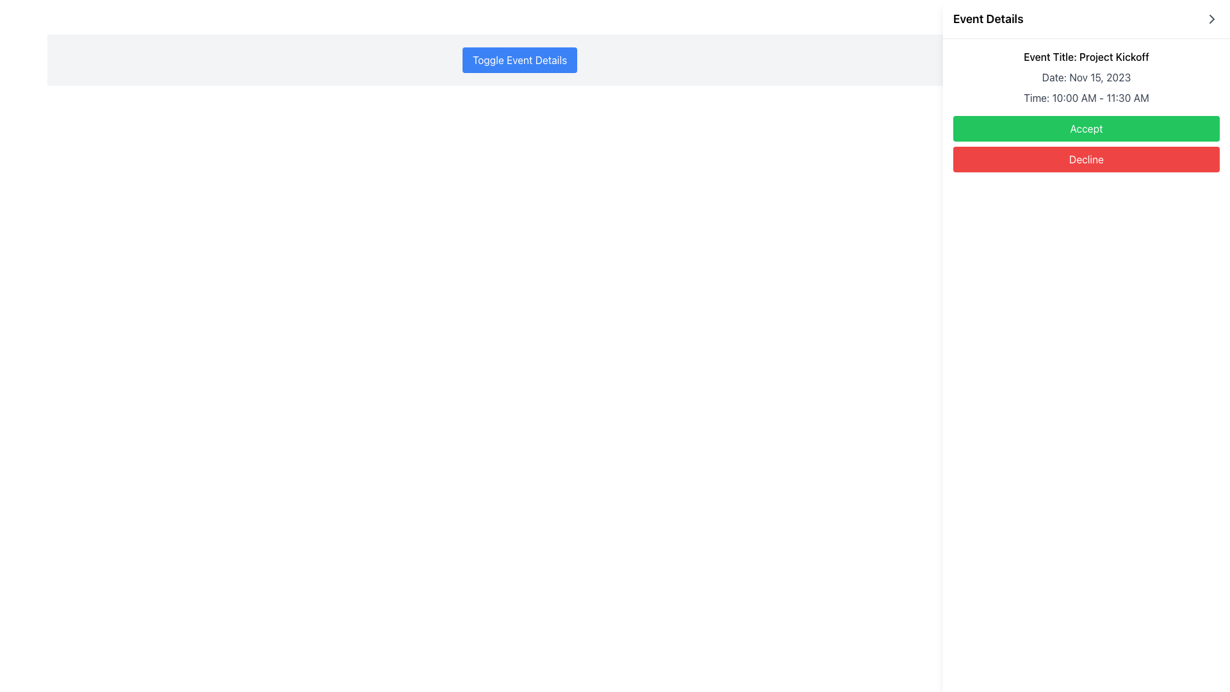  Describe the element at coordinates (1085, 97) in the screenshot. I see `the Text label that indicates the time duration of the event, which displays '10:00 AM to 11:30 AM', located under the 'Event Details' section above the 'Accept' and 'Decline' buttons` at that location.